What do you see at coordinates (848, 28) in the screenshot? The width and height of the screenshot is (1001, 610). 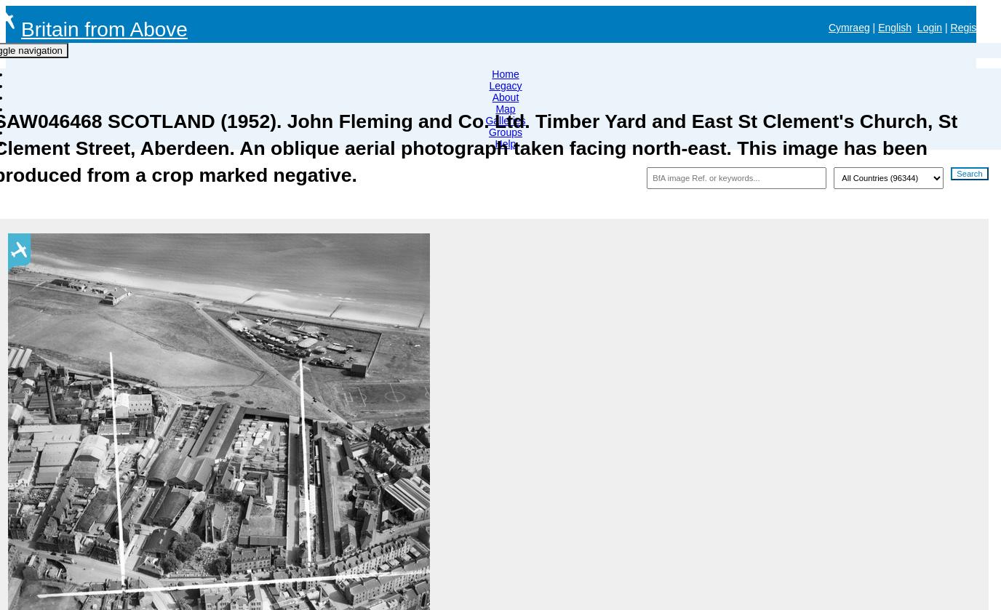 I see `'Cymraeg'` at bounding box center [848, 28].